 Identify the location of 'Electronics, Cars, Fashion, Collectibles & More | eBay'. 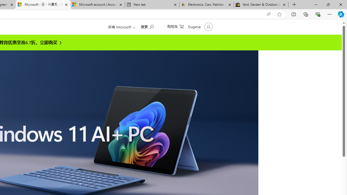
(206, 5).